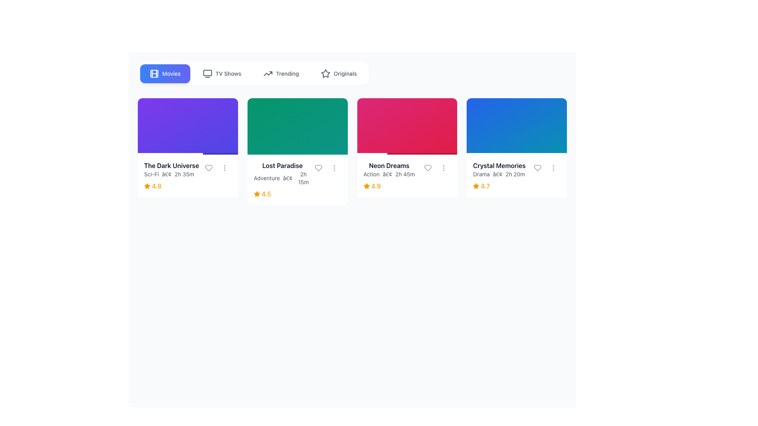  I want to click on the SVG graphical component representing the 'TV Shows' section in the top horizontal navigation bar, so click(207, 73).